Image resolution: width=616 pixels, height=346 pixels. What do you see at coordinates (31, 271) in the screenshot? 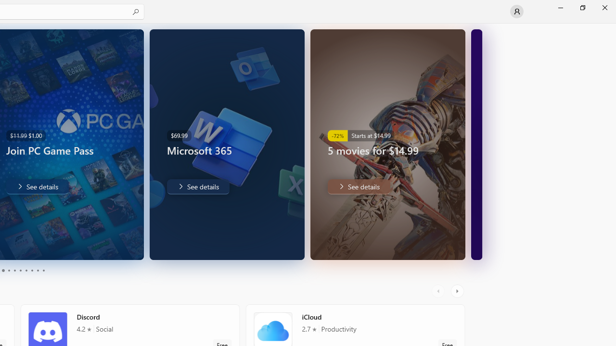
I see `'Page 8'` at bounding box center [31, 271].